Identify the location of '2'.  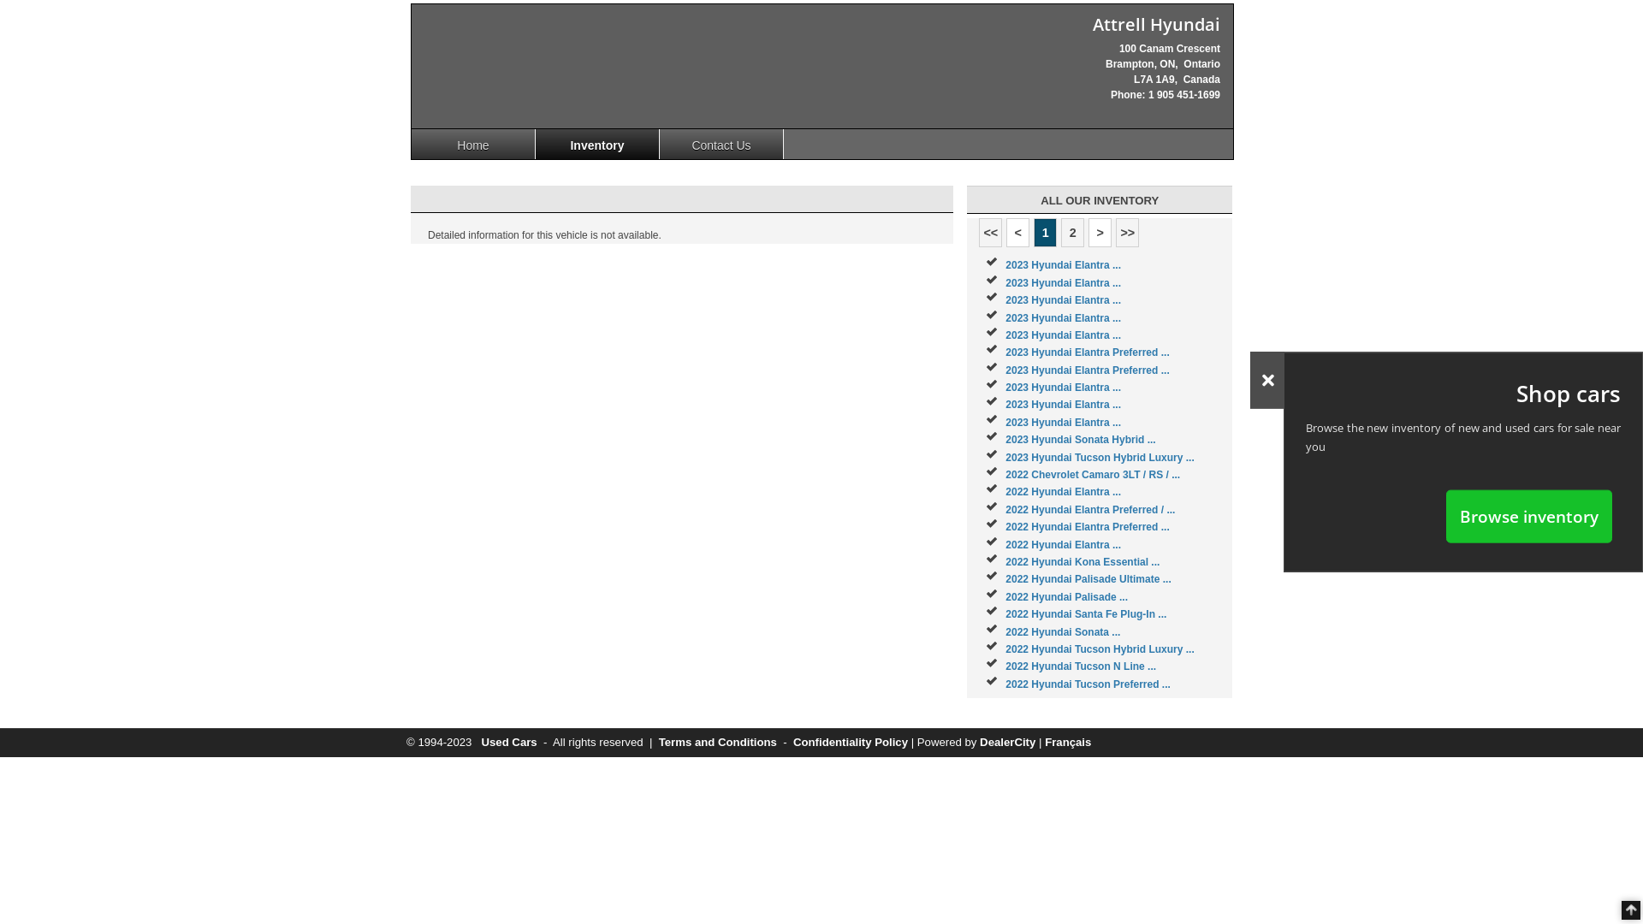
(1071, 233).